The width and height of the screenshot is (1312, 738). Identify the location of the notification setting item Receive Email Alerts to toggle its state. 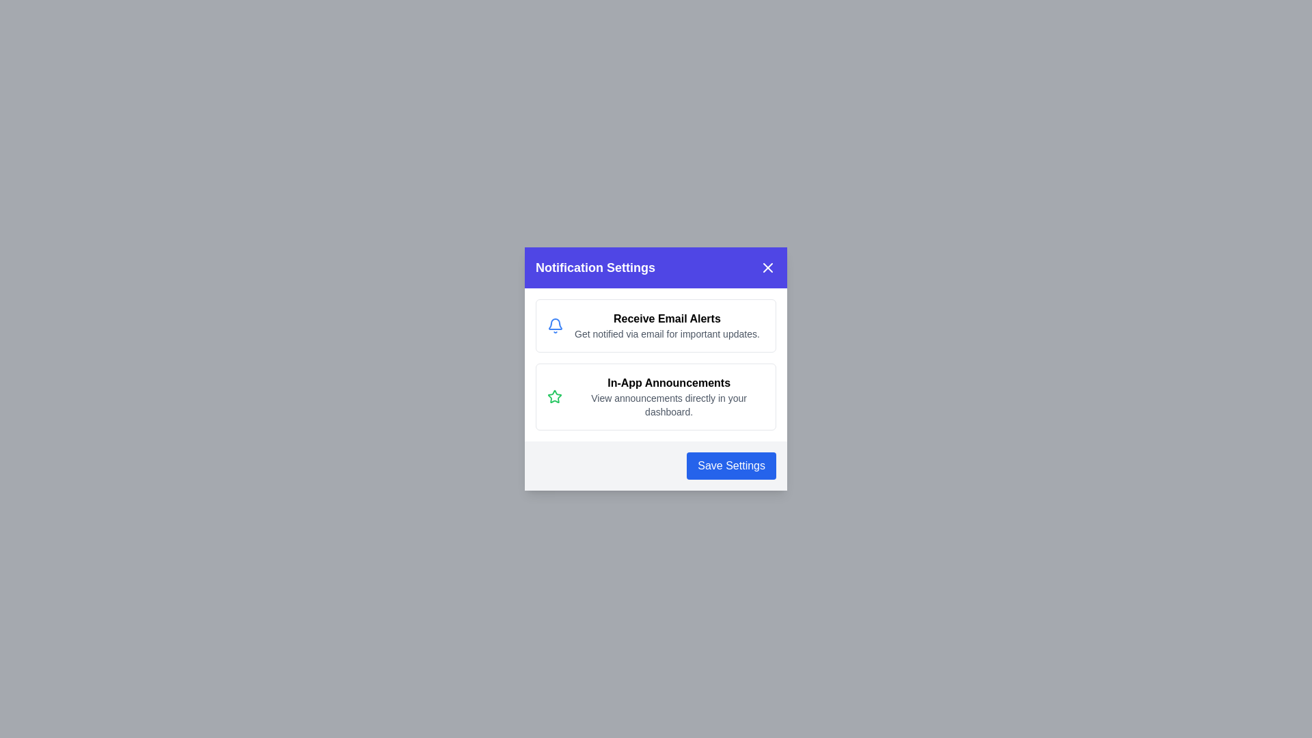
(656, 326).